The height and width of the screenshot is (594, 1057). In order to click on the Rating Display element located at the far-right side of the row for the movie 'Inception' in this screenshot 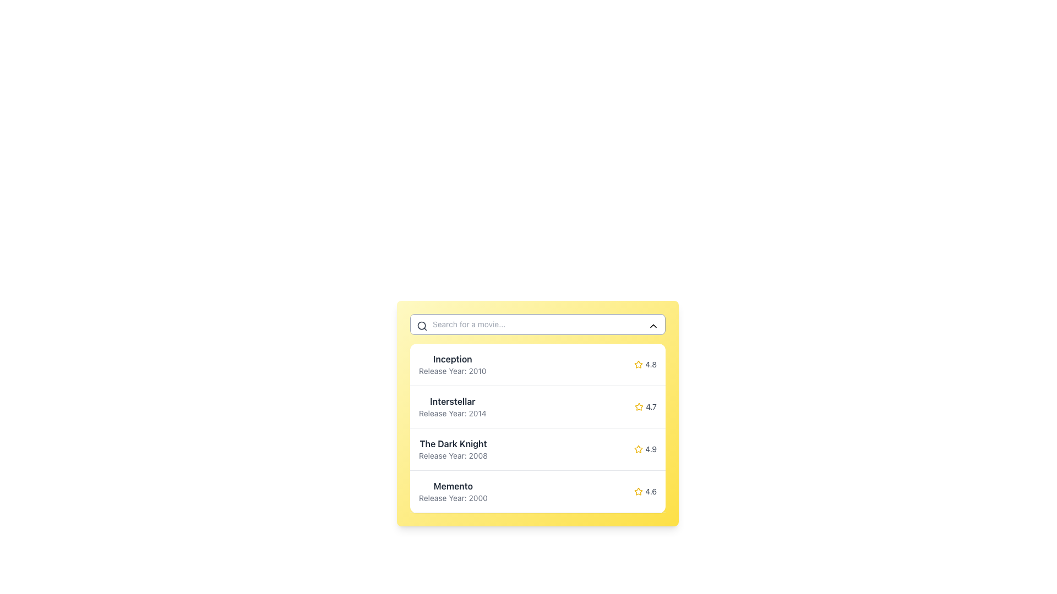, I will do `click(645, 365)`.